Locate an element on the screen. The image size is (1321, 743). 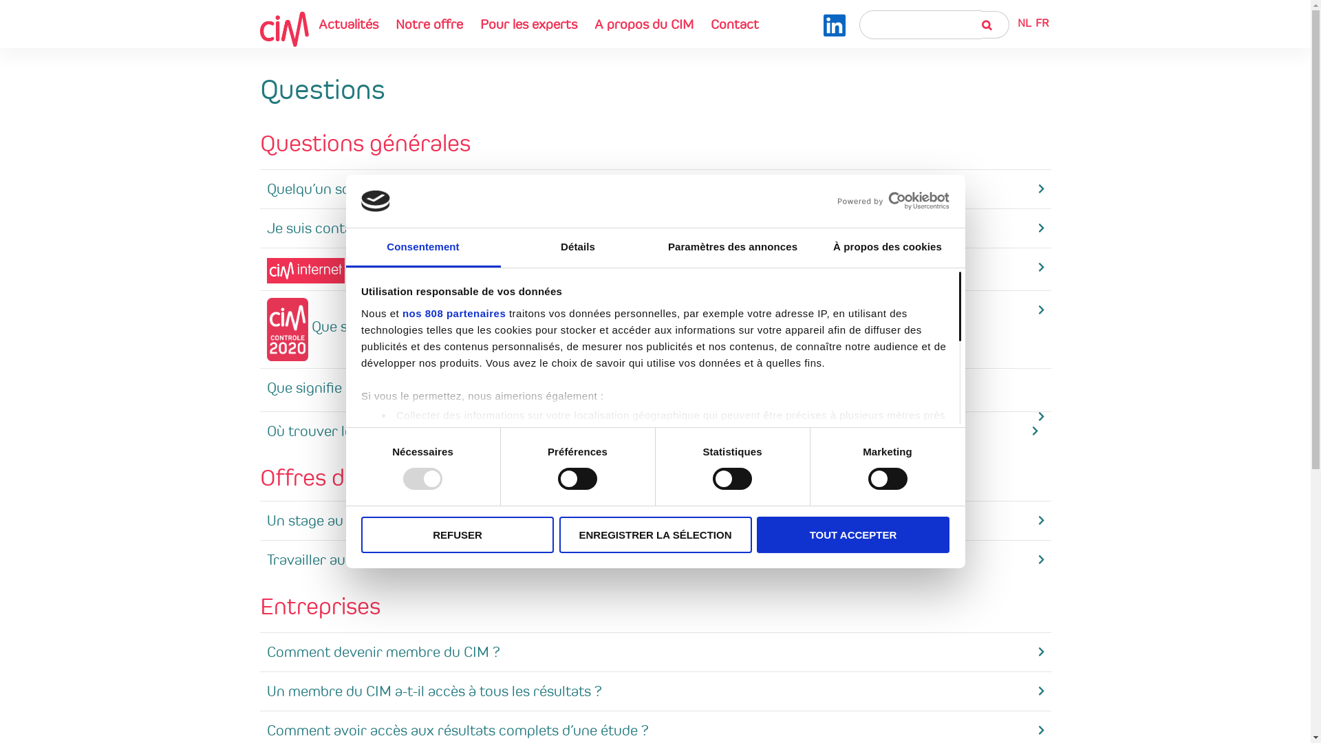
'TOUT ACCEPTER' is located at coordinates (852, 534).